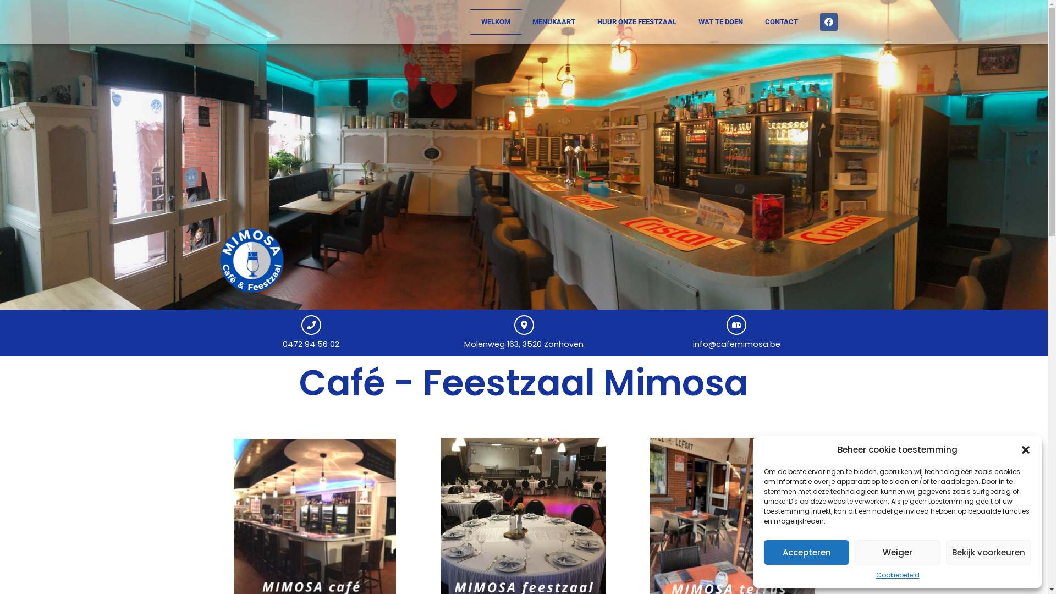 This screenshot has width=1056, height=594. I want to click on 'Weiger', so click(854, 552).